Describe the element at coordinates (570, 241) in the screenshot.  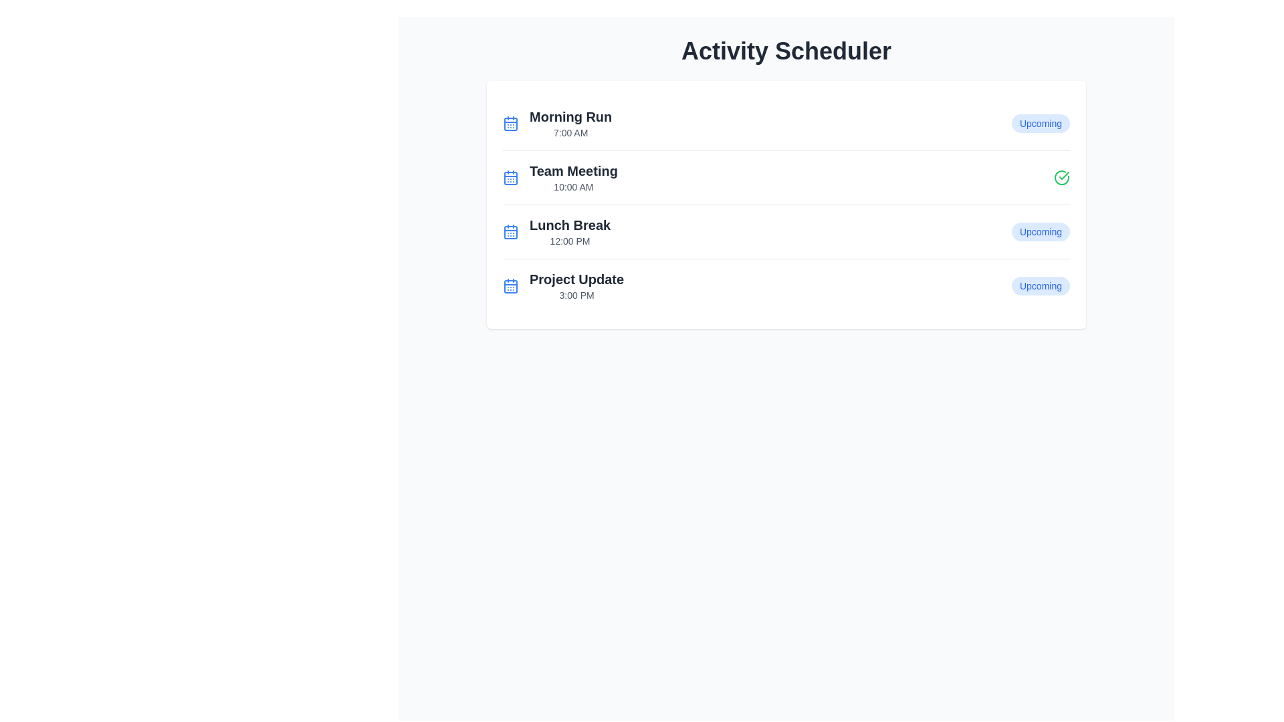
I see `the static text label displaying the scheduled time for 'Lunch Break' at 12:00 PM, which is located below the larger 'Lunch Break' text in the activity scheduler list` at that location.